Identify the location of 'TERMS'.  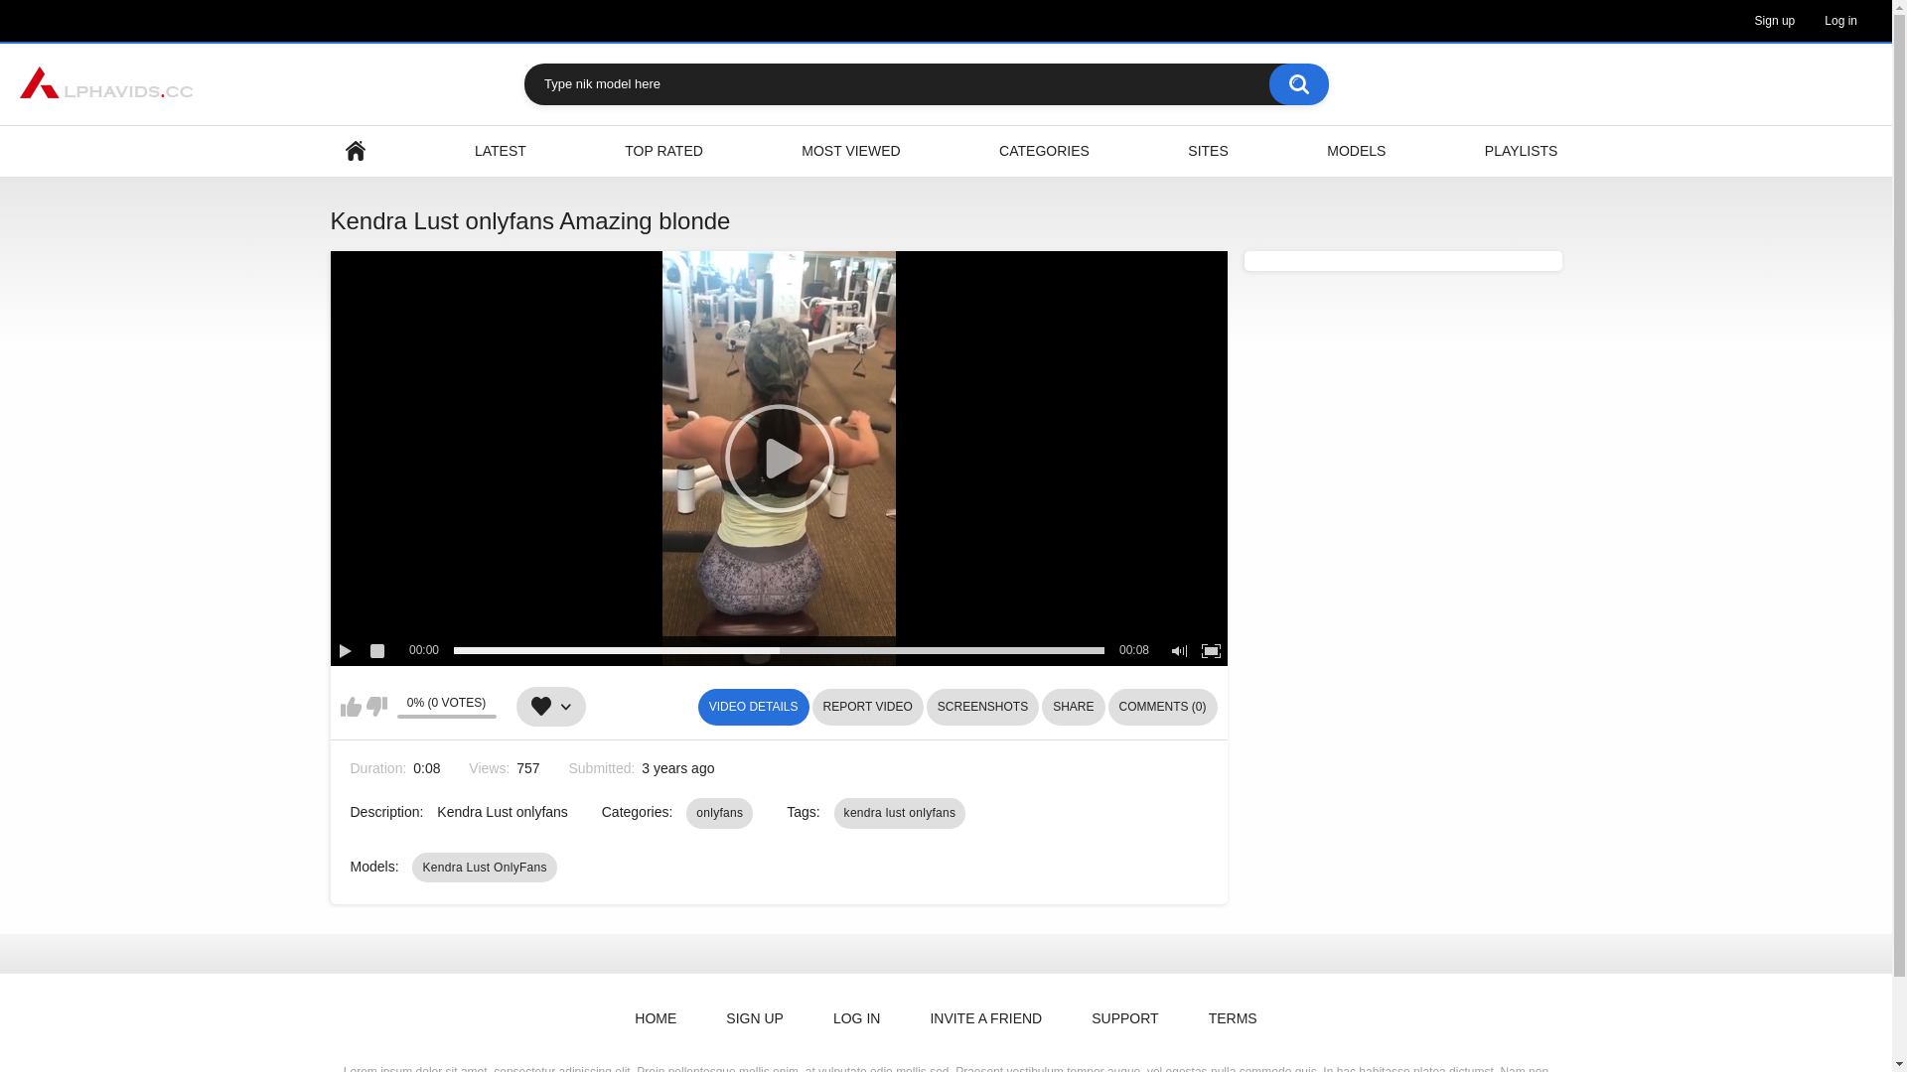
(1232, 1018).